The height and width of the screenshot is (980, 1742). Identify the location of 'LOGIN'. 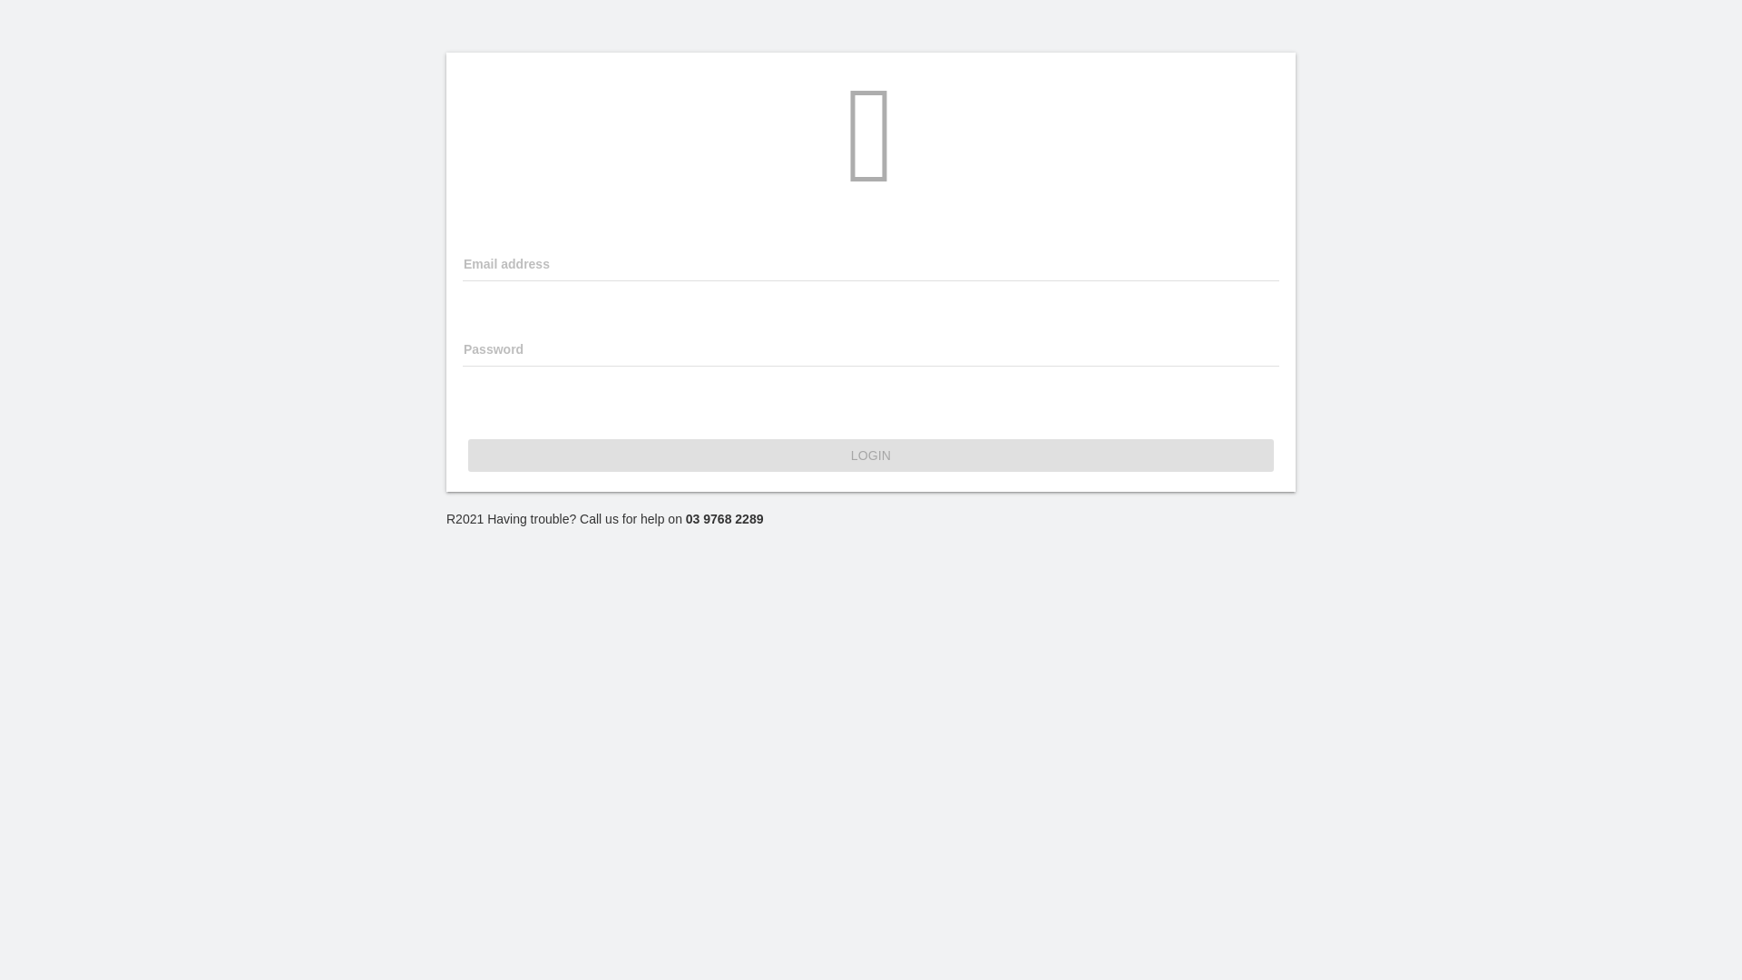
(871, 454).